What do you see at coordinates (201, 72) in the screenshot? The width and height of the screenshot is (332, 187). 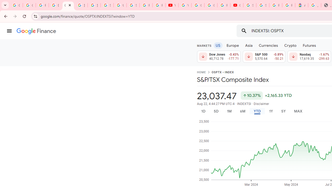 I see `'HOME'` at bounding box center [201, 72].